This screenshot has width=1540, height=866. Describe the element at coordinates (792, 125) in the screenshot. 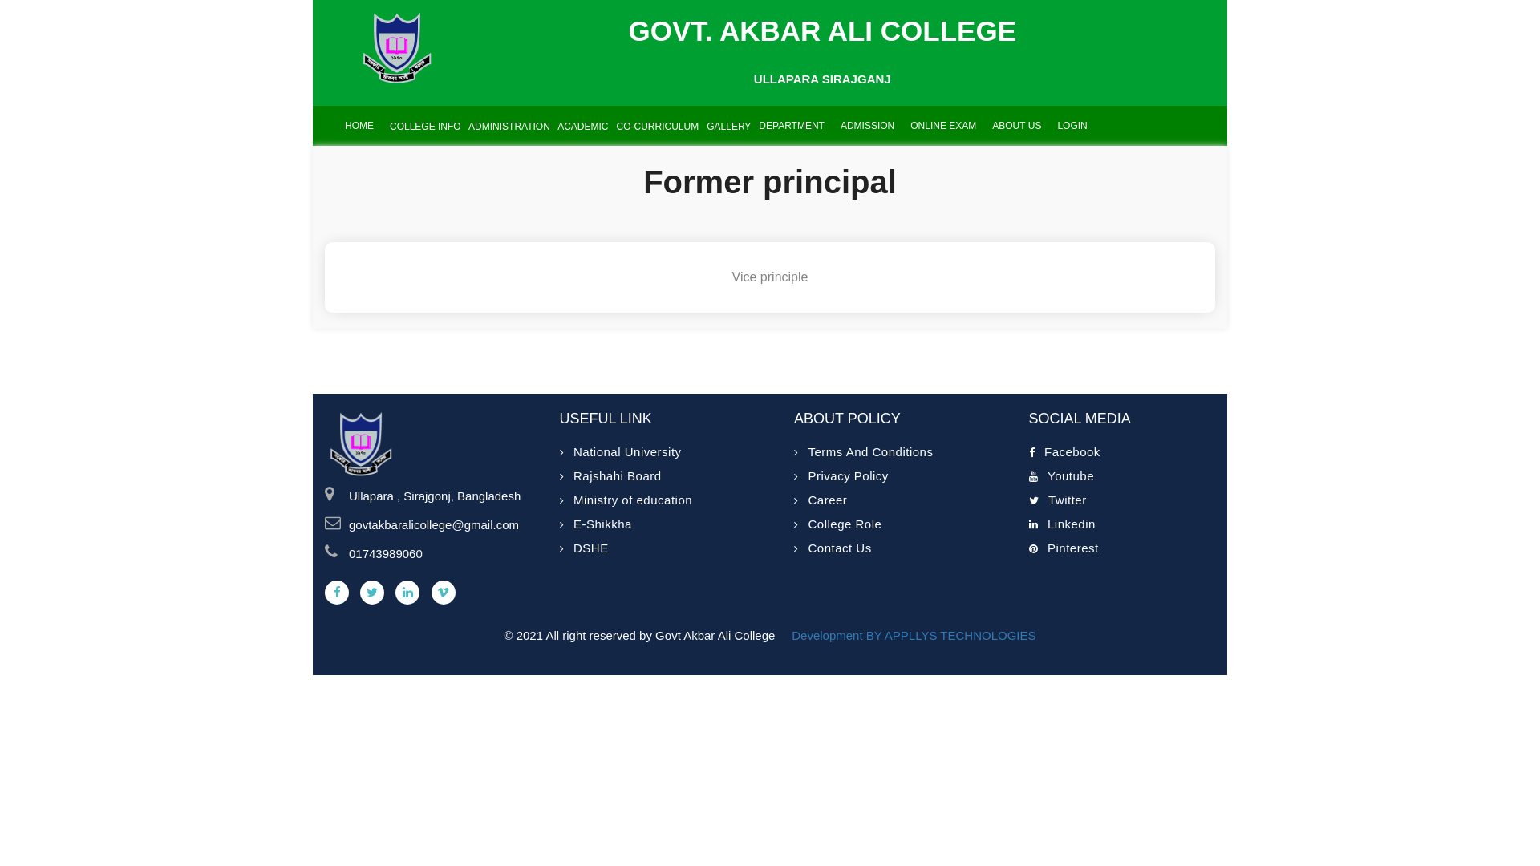

I see `'DEPARTMENT'` at that location.